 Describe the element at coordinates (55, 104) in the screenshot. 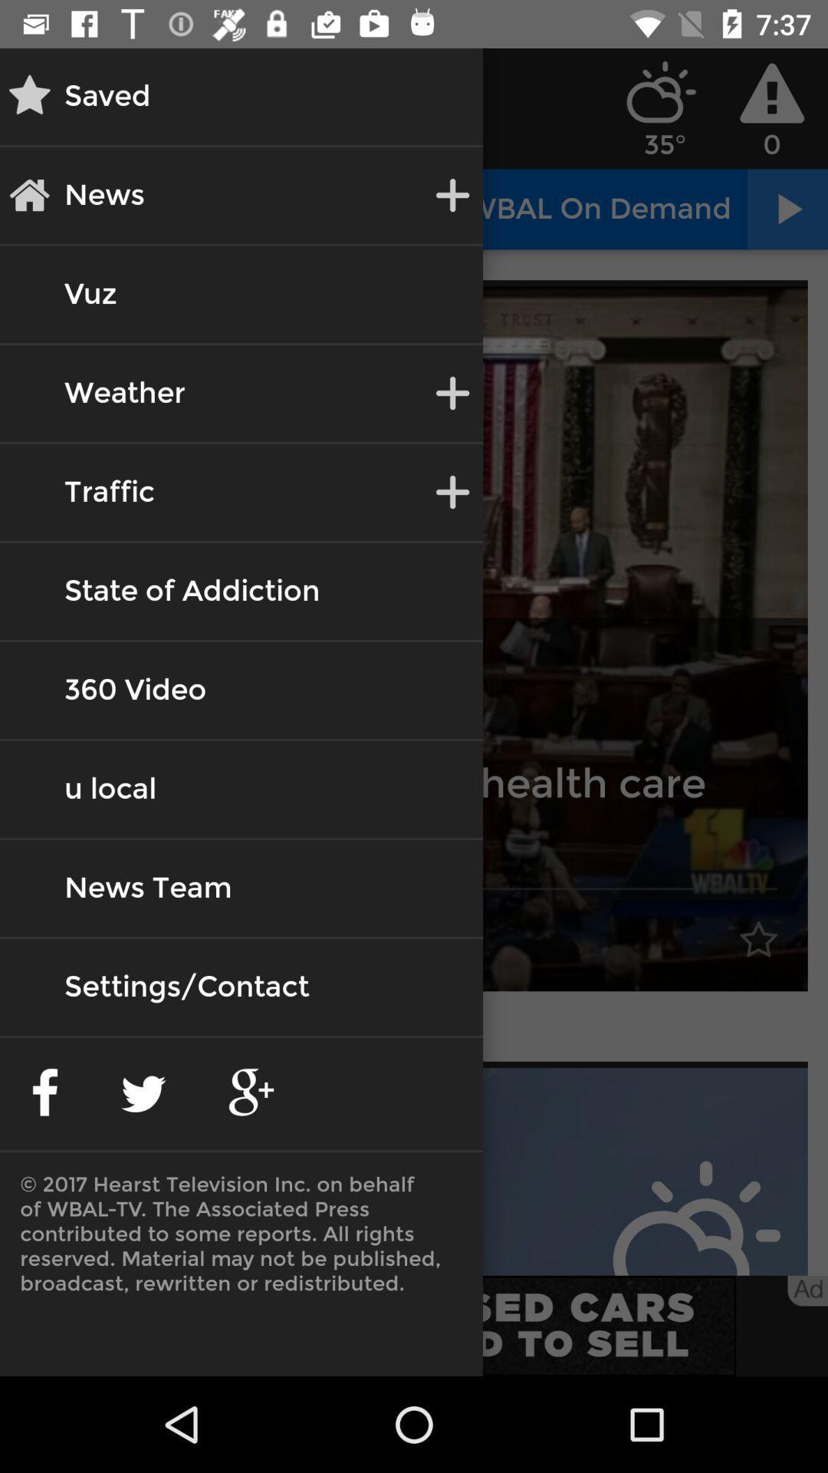

I see `the star icon` at that location.